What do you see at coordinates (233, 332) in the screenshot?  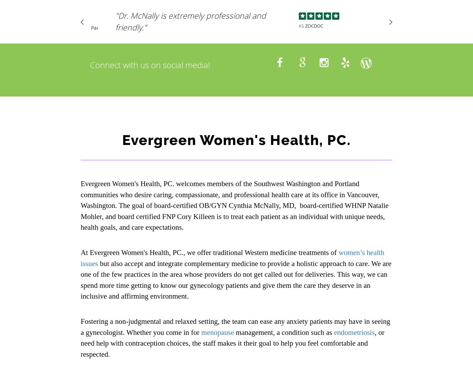 I see `'management, a condition such as'` at bounding box center [233, 332].